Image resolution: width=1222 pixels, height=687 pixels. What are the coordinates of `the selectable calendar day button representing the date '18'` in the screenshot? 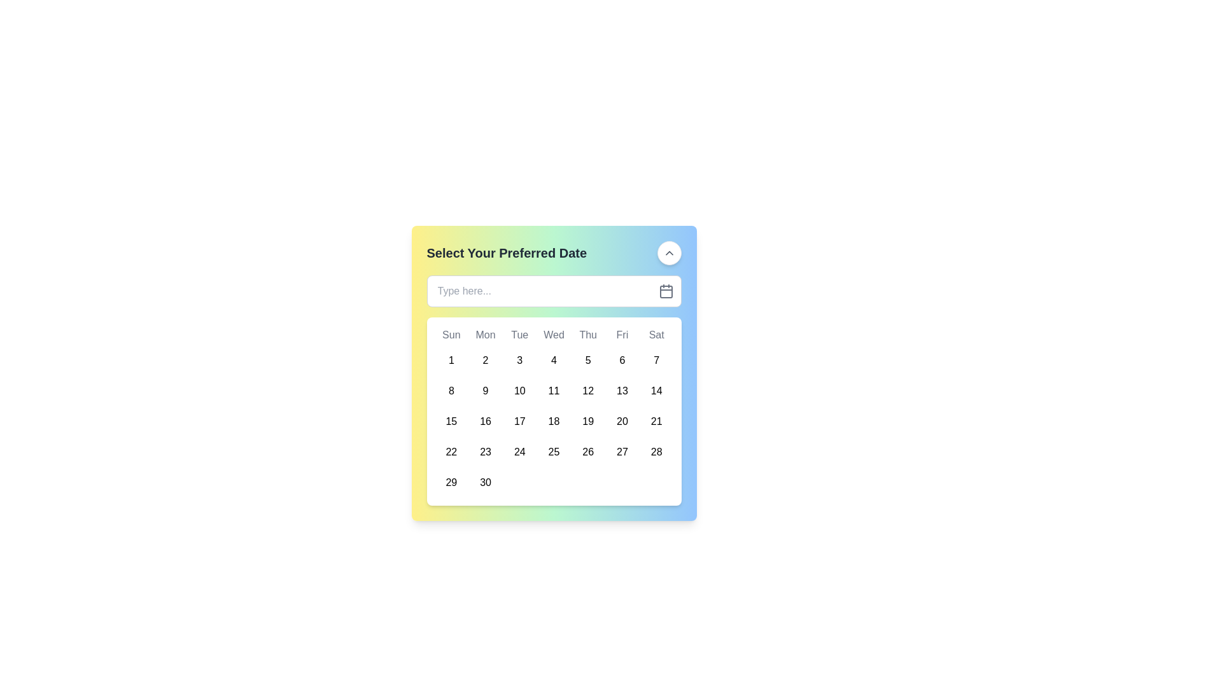 It's located at (554, 422).